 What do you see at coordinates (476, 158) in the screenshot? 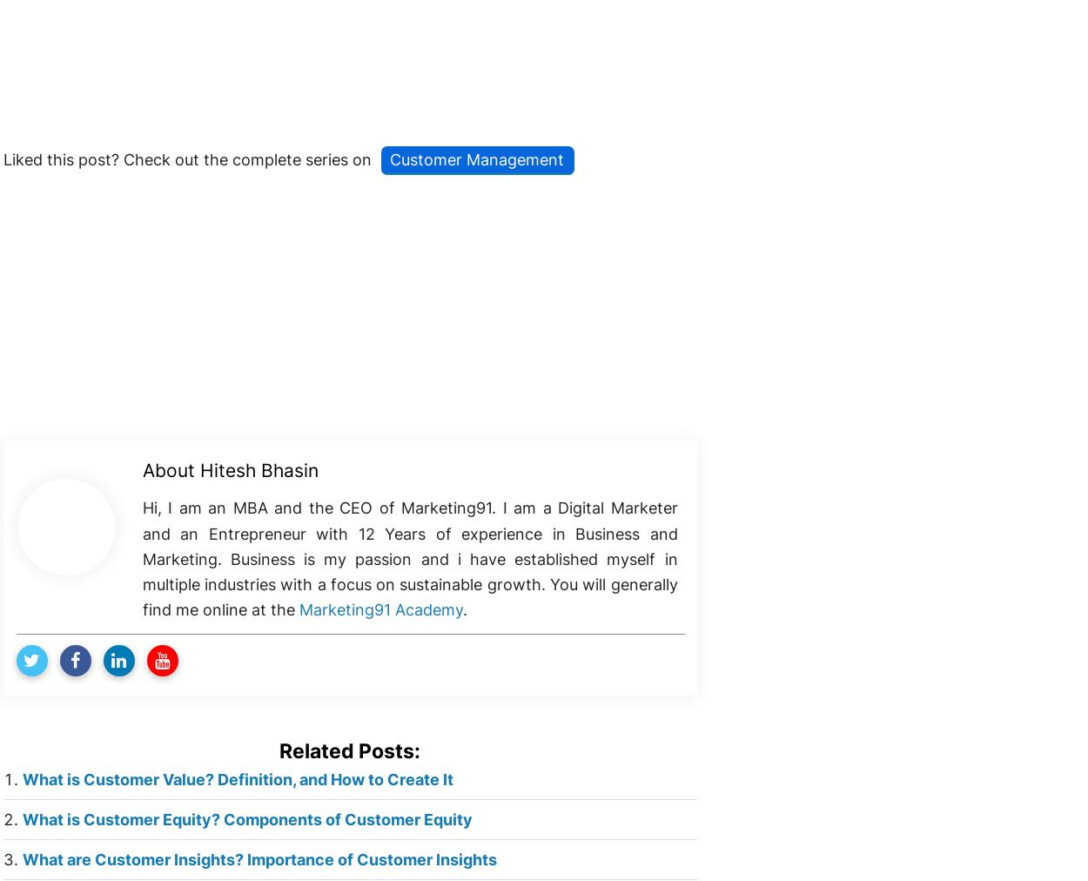
I see `'Customer Management'` at bounding box center [476, 158].